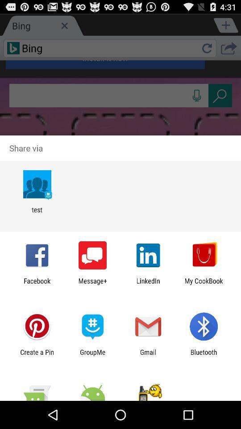 This screenshot has height=429, width=241. I want to click on item to the left of the groupme, so click(37, 356).